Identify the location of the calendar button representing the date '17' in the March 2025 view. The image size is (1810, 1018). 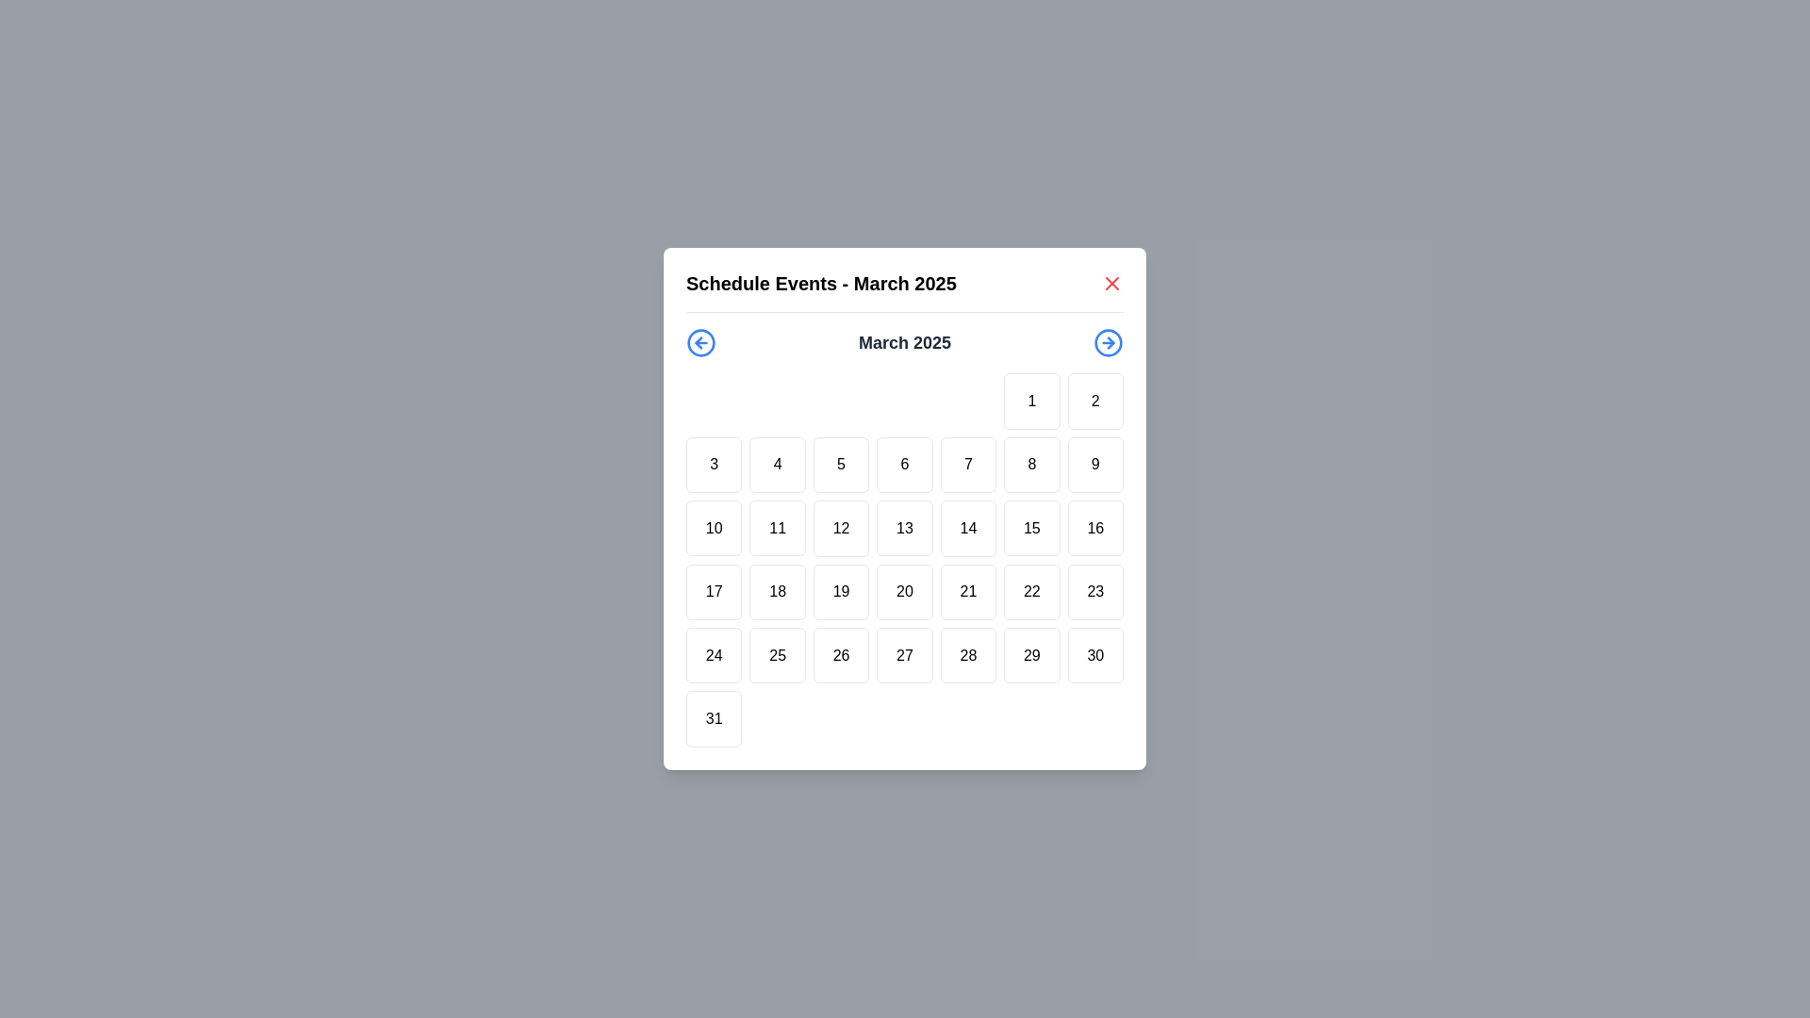
(713, 591).